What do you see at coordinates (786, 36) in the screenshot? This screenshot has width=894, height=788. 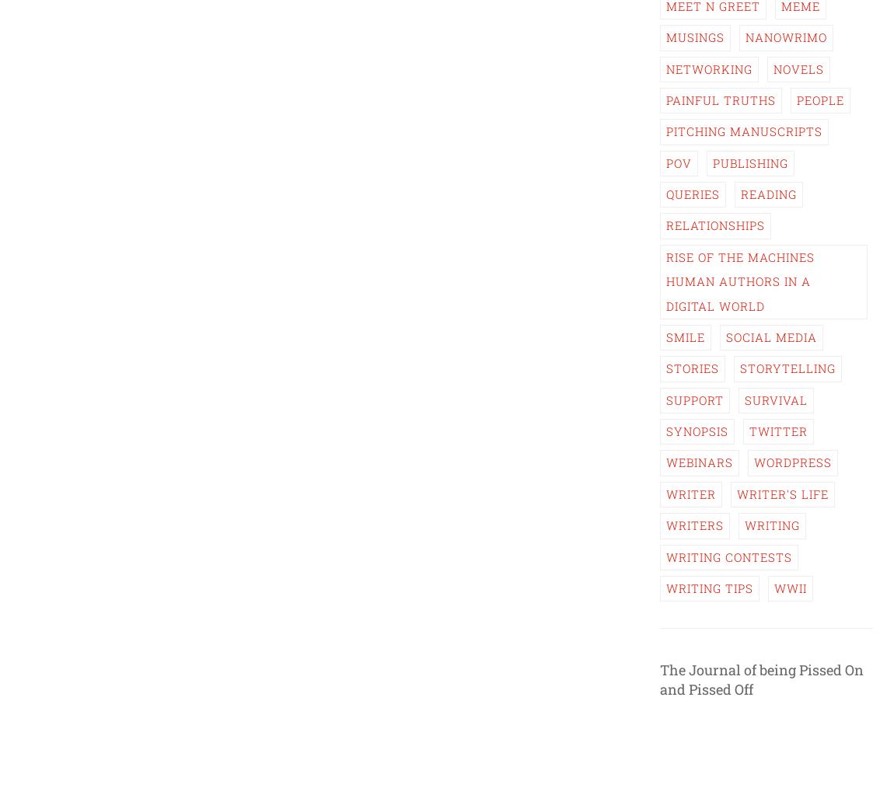 I see `'NaNoWriMo'` at bounding box center [786, 36].